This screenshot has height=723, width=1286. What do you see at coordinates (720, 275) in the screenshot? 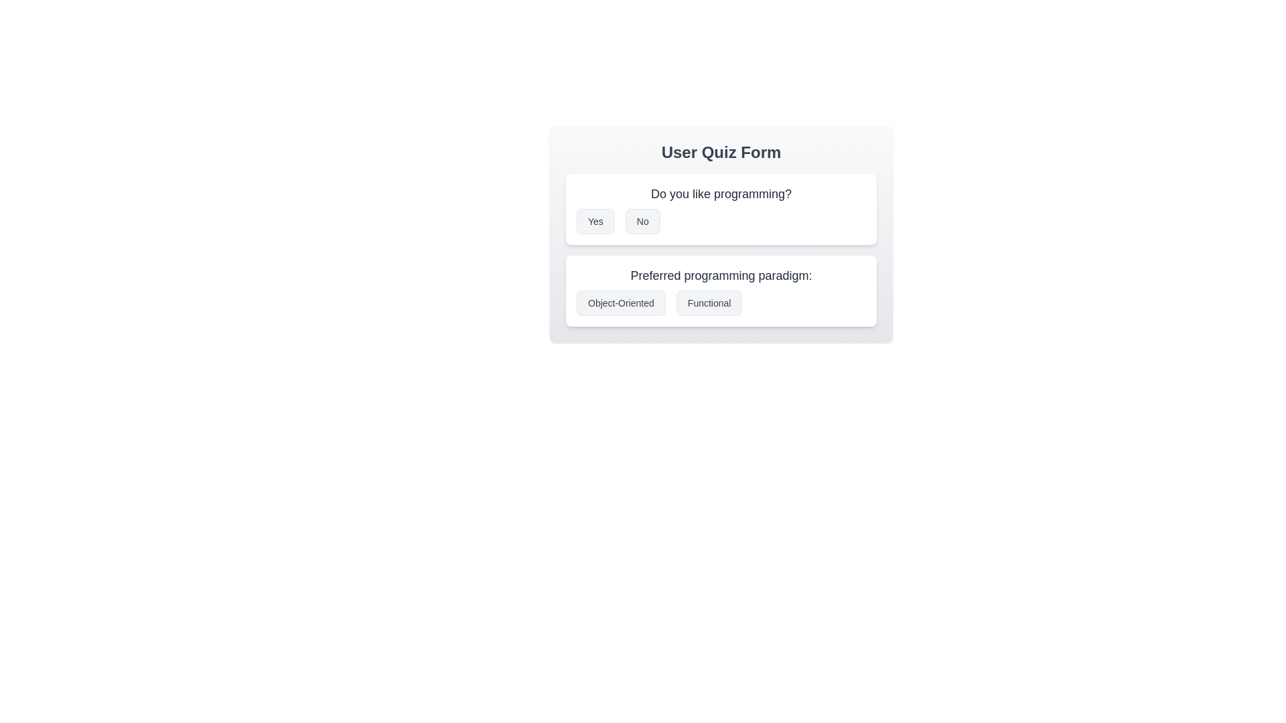
I see `the text label that provides context for the selectable programming paradigm buttons, located above the 'Object-Oriented' and 'Functional' buttons` at bounding box center [720, 275].